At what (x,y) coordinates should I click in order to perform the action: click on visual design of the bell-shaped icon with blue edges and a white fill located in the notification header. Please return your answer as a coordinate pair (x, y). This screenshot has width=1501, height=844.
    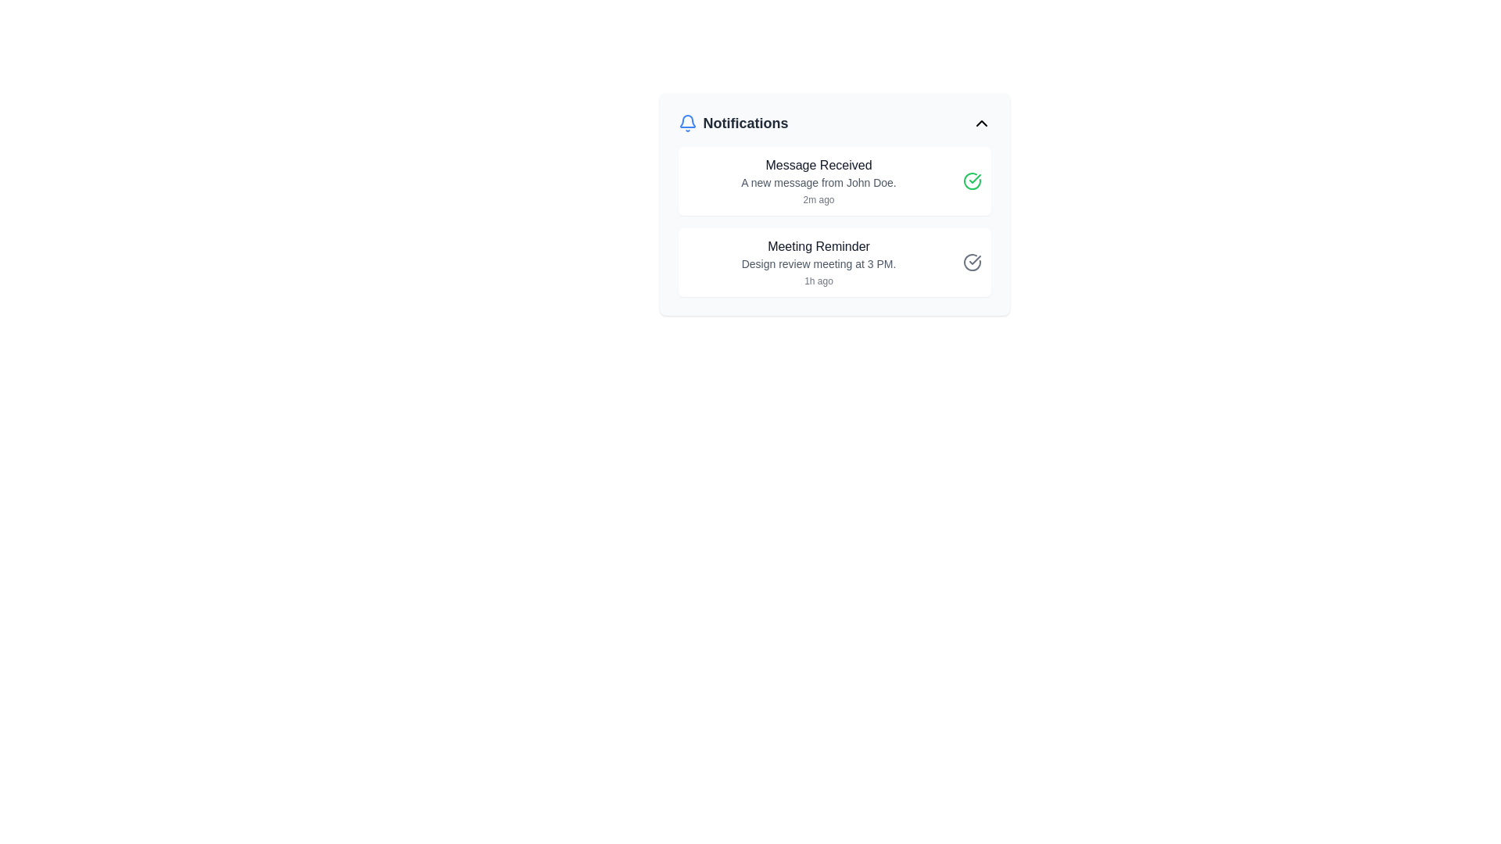
    Looking at the image, I should click on (687, 120).